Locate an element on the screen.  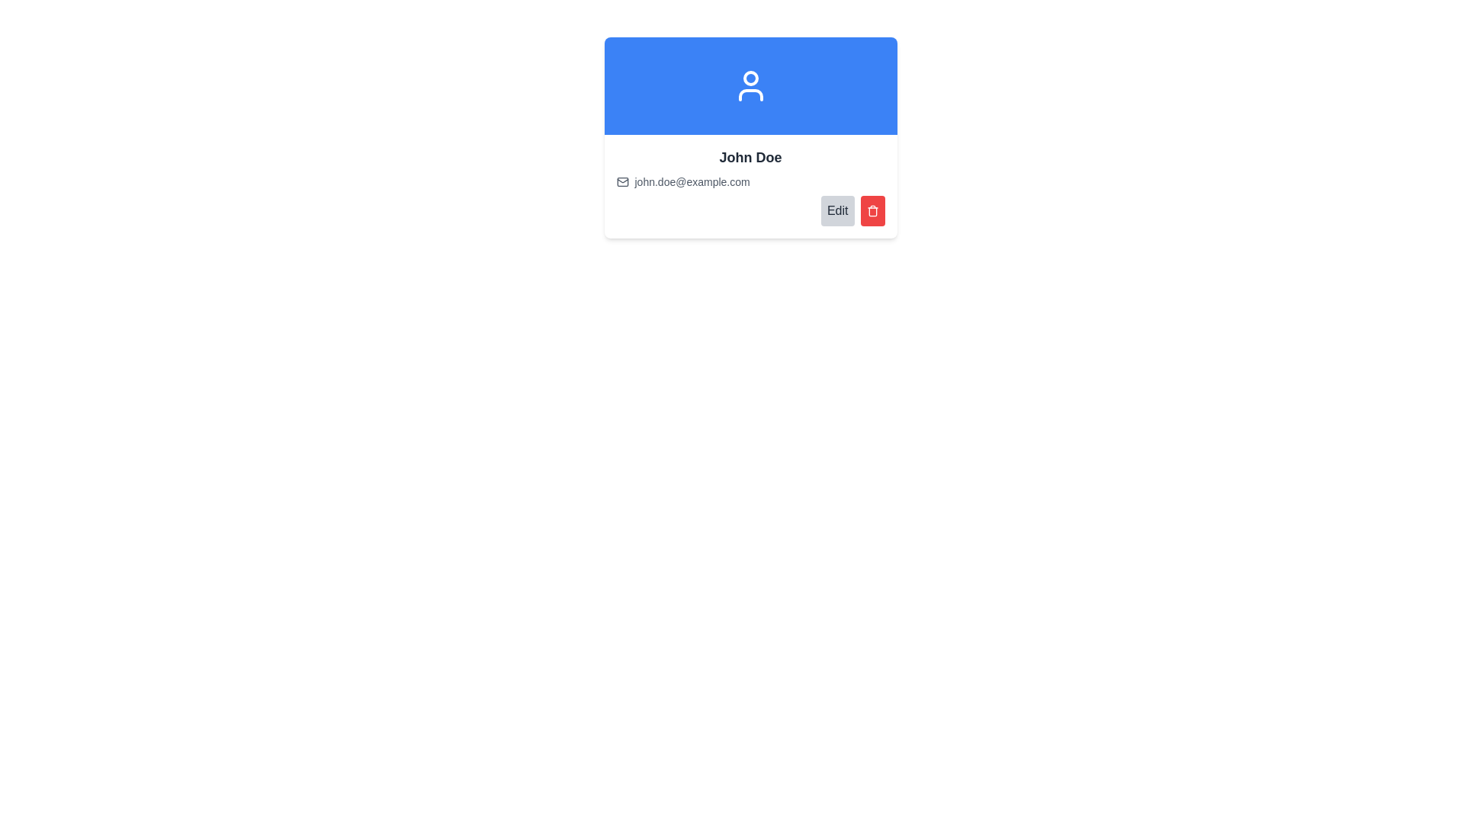
the trash can icon button, which has a red background and white iconography is located at coordinates (872, 211).